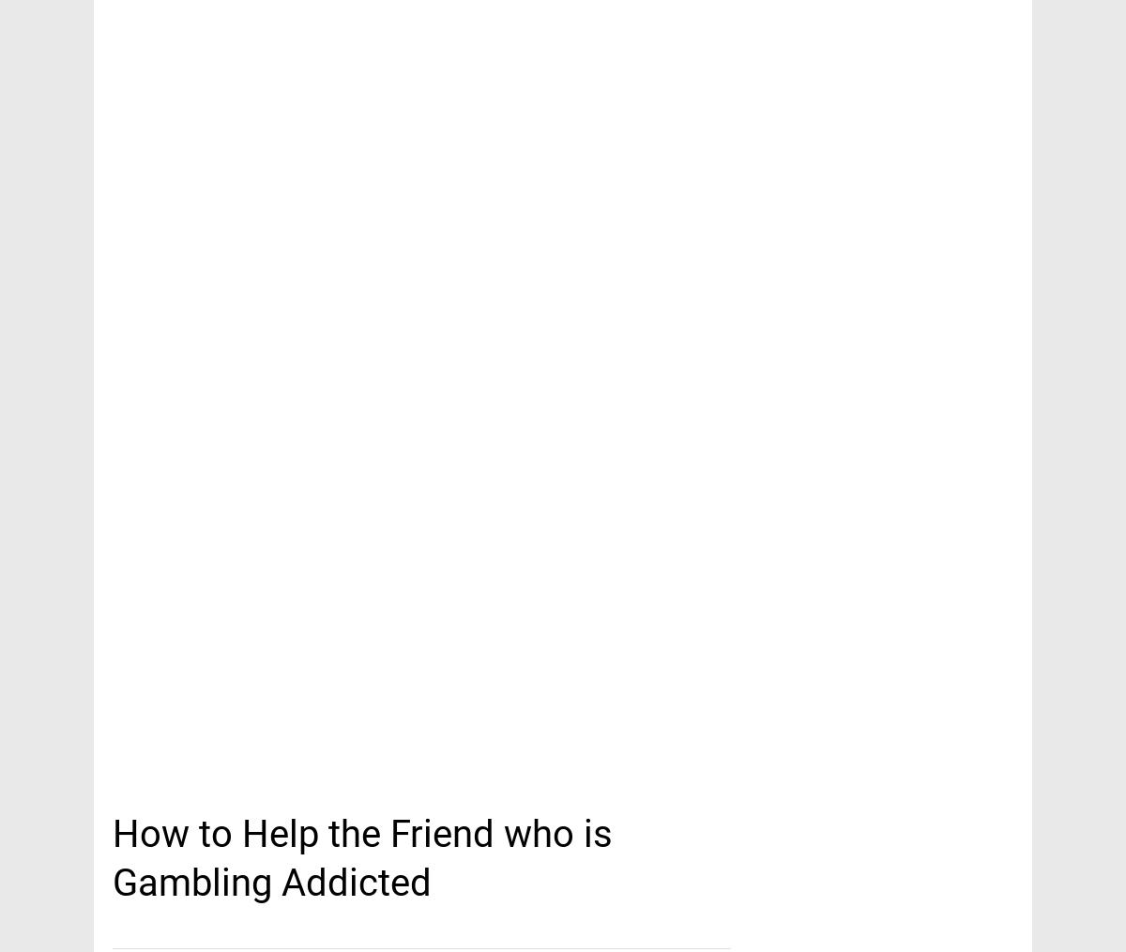  I want to click on 'youtube', so click(148, 67).